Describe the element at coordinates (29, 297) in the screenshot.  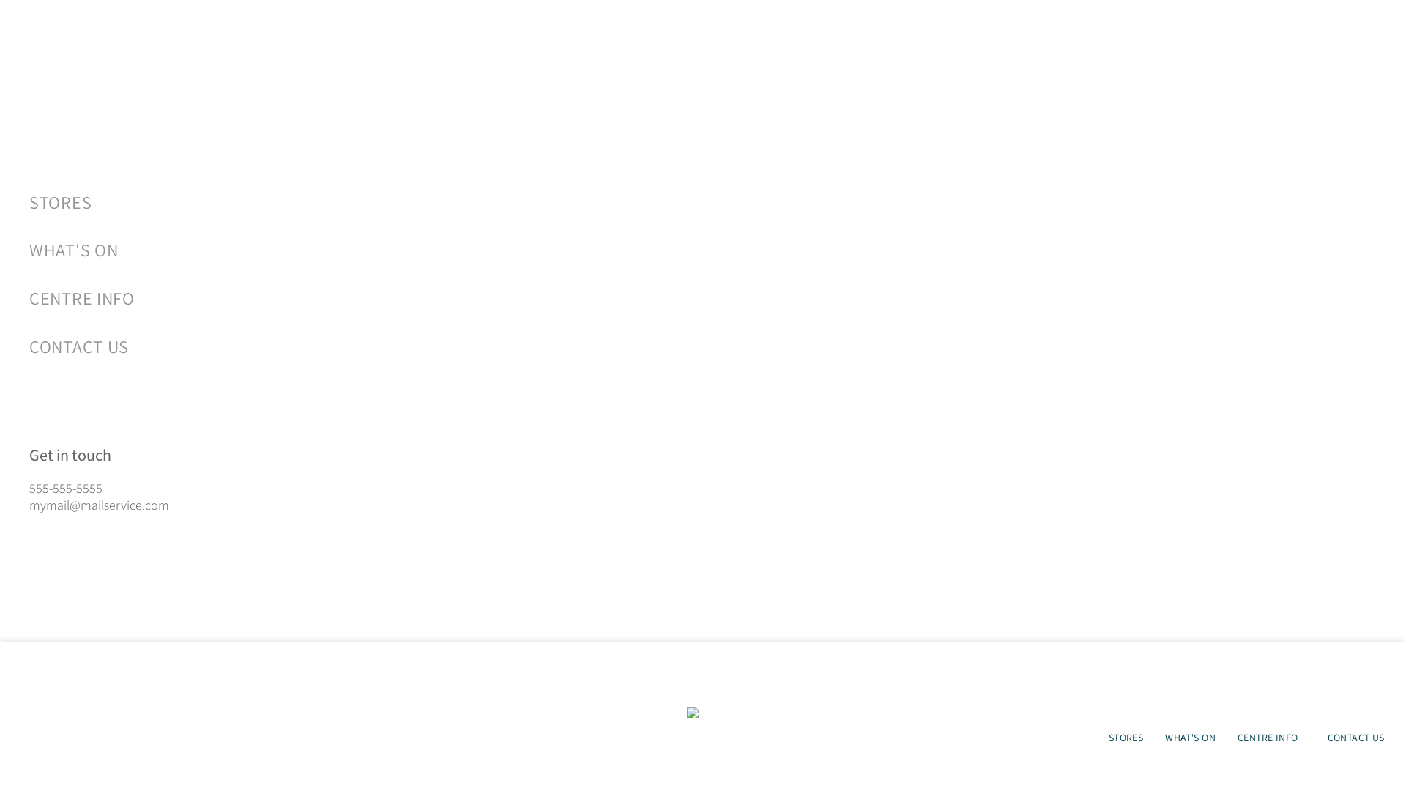
I see `'CENTRE INFO'` at that location.